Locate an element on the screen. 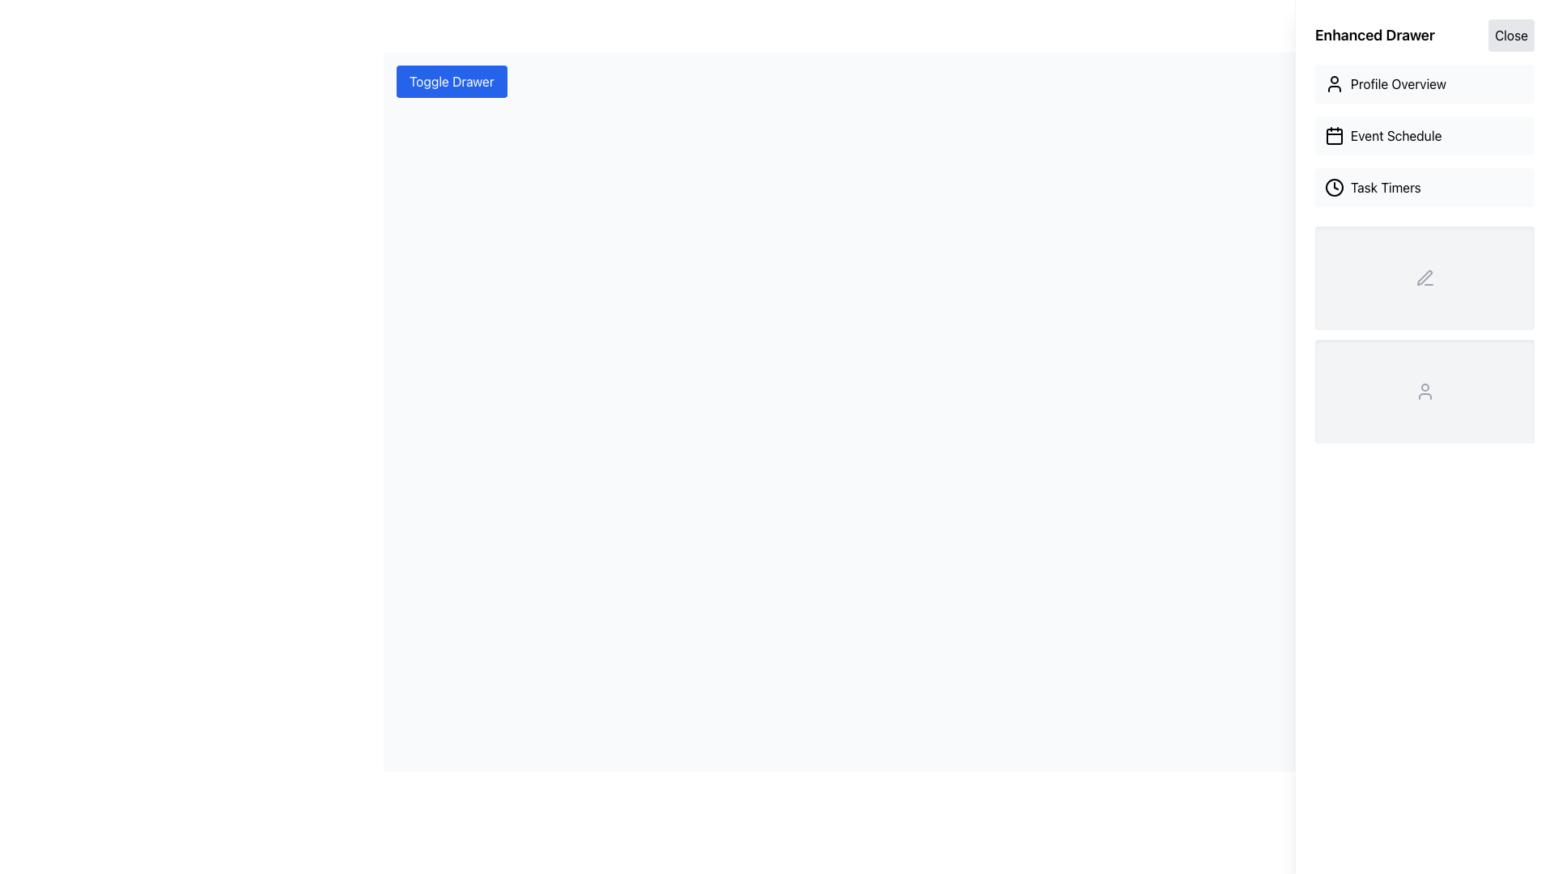  the small gray icon resembling a pen or pencil located in the enhanced drawer on the right side of the interface, within the second card is located at coordinates (1424, 277).